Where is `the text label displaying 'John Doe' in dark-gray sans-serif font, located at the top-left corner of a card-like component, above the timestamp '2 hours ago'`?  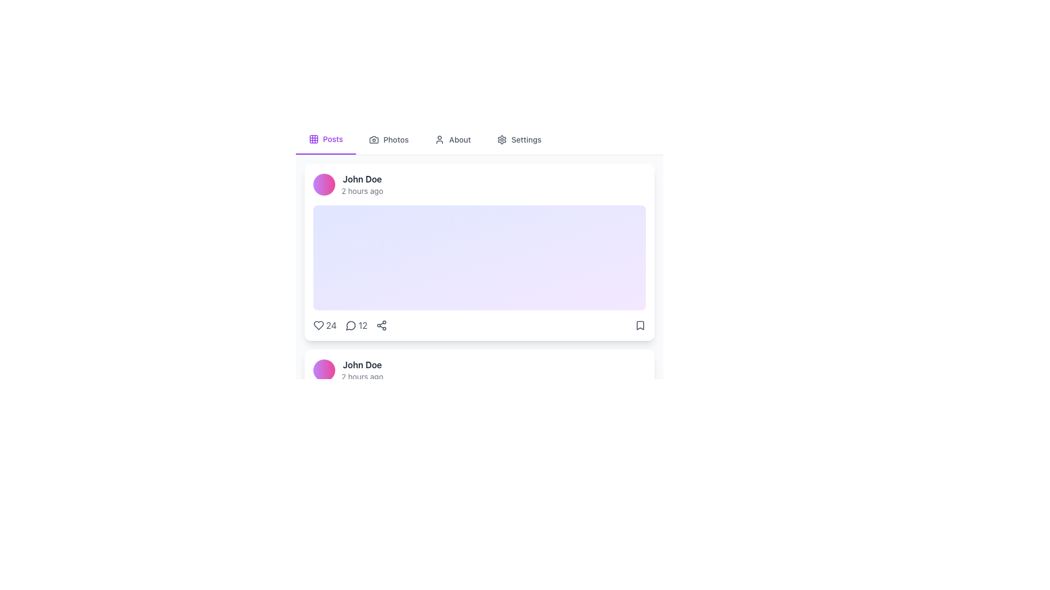
the text label displaying 'John Doe' in dark-gray sans-serif font, located at the top-left corner of a card-like component, above the timestamp '2 hours ago' is located at coordinates (362, 178).